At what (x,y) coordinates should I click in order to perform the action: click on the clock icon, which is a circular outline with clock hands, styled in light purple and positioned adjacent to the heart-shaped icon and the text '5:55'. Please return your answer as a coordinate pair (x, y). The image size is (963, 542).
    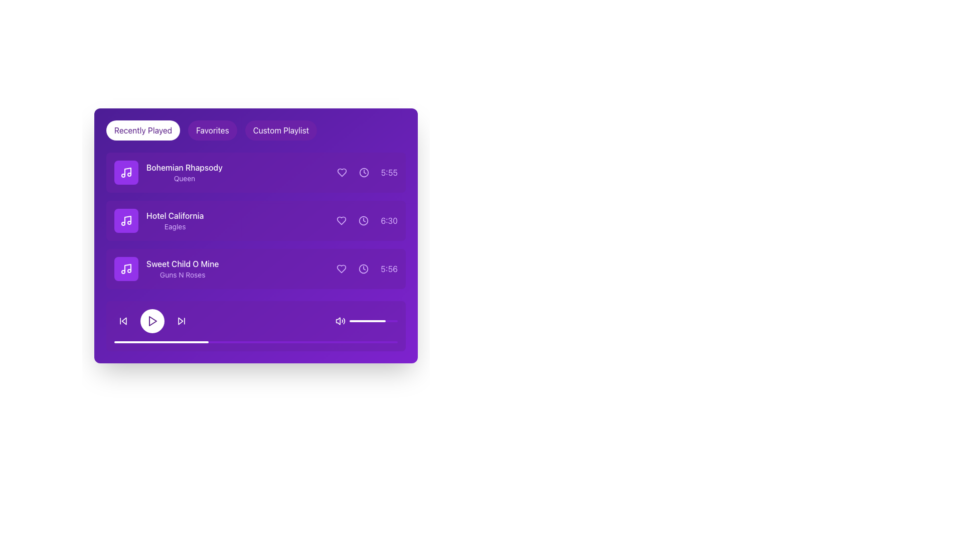
    Looking at the image, I should click on (363, 172).